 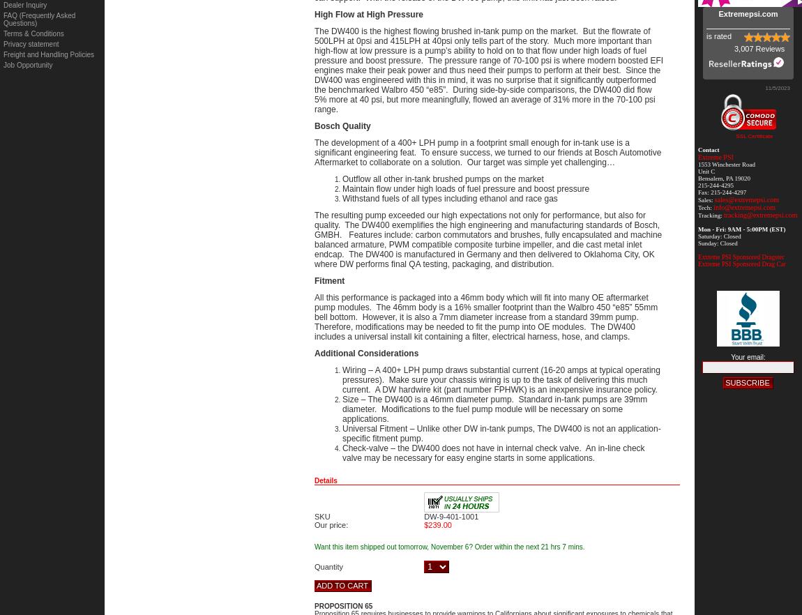 What do you see at coordinates (697, 229) in the screenshot?
I see `'Mon - Fri: 9AM - 5:00PM (EST)'` at bounding box center [697, 229].